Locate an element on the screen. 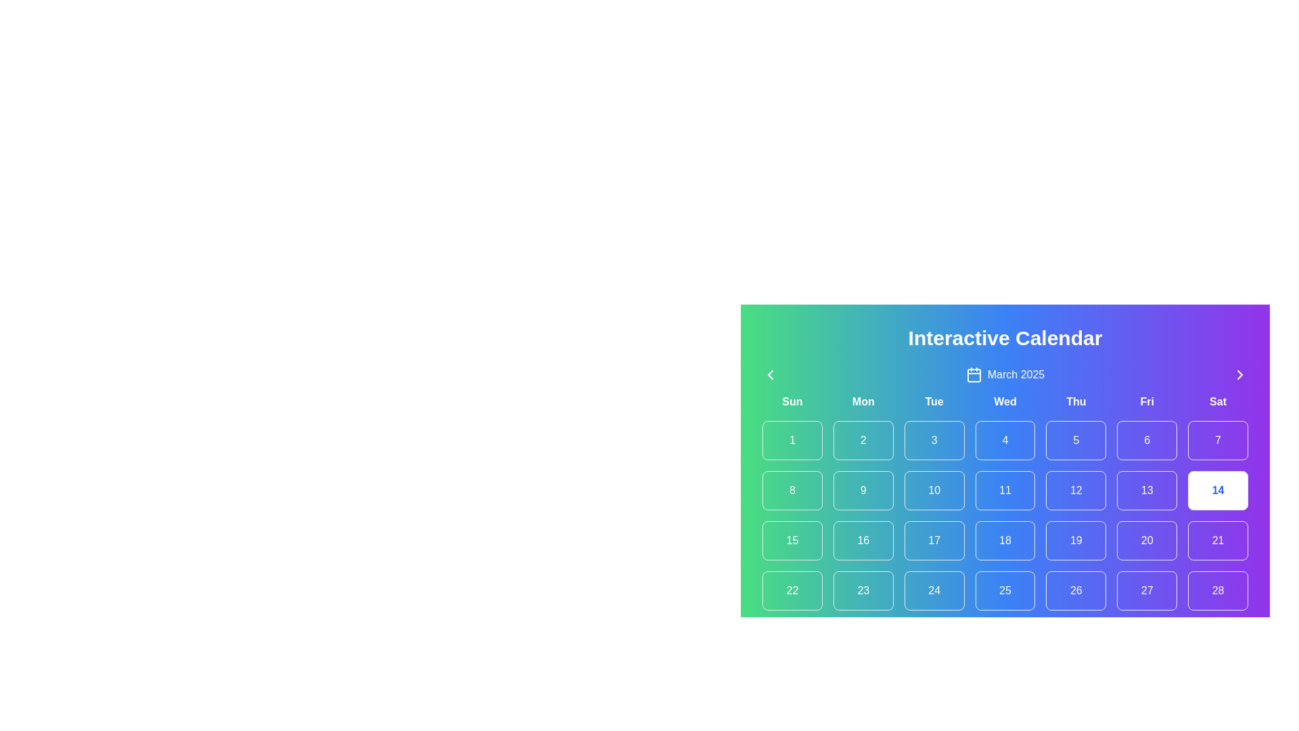  calendar day cell representing the 13th day of the month, located in the calendar grid under the header for Friday, using developer tools is located at coordinates (1146, 491).